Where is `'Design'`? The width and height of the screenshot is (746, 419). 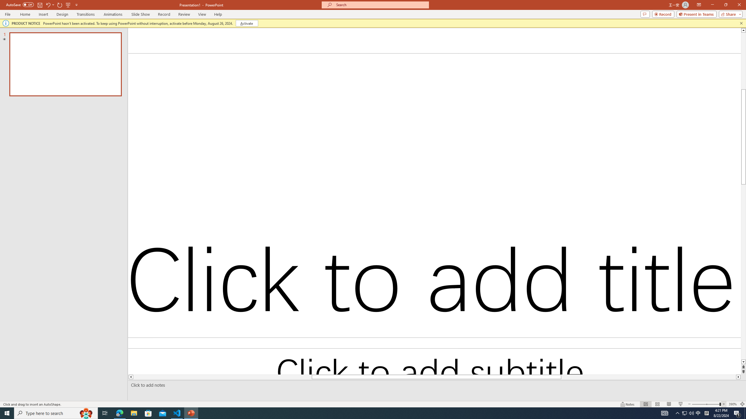 'Design' is located at coordinates (63, 14).